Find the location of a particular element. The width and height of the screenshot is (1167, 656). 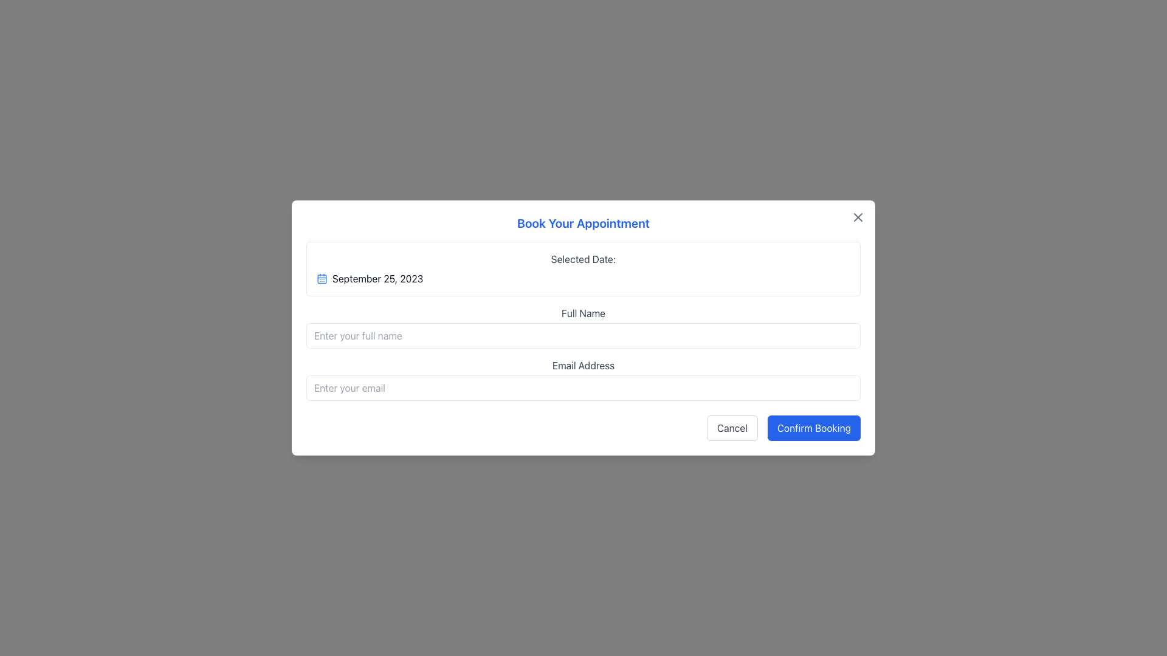

the confirm booking button located at the bottom-right corner of the modal dialog box is located at coordinates (814, 428).